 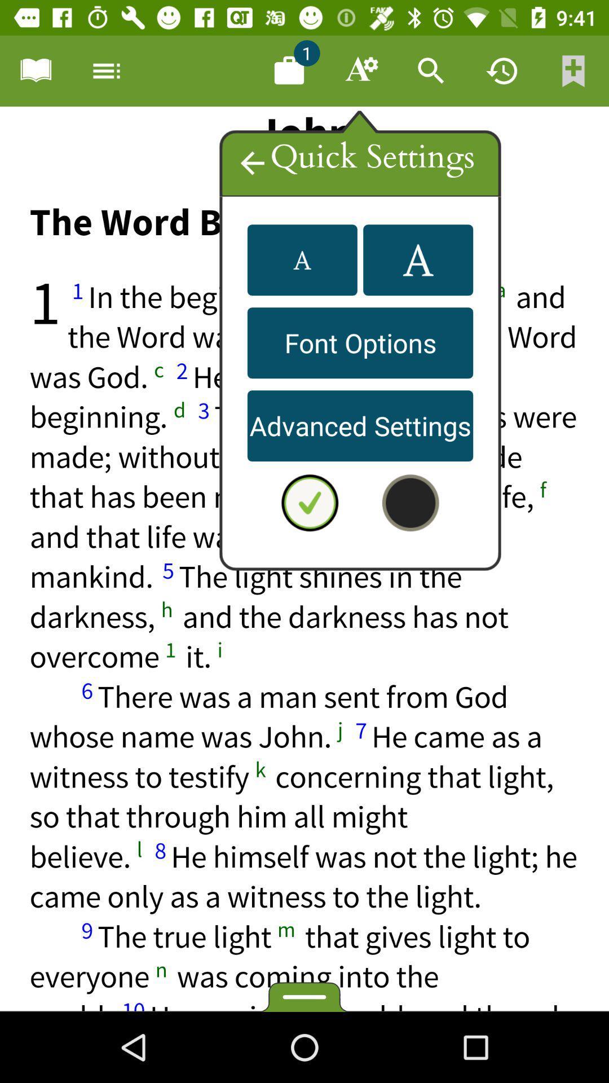 I want to click on launch table of contents, so click(x=34, y=70).